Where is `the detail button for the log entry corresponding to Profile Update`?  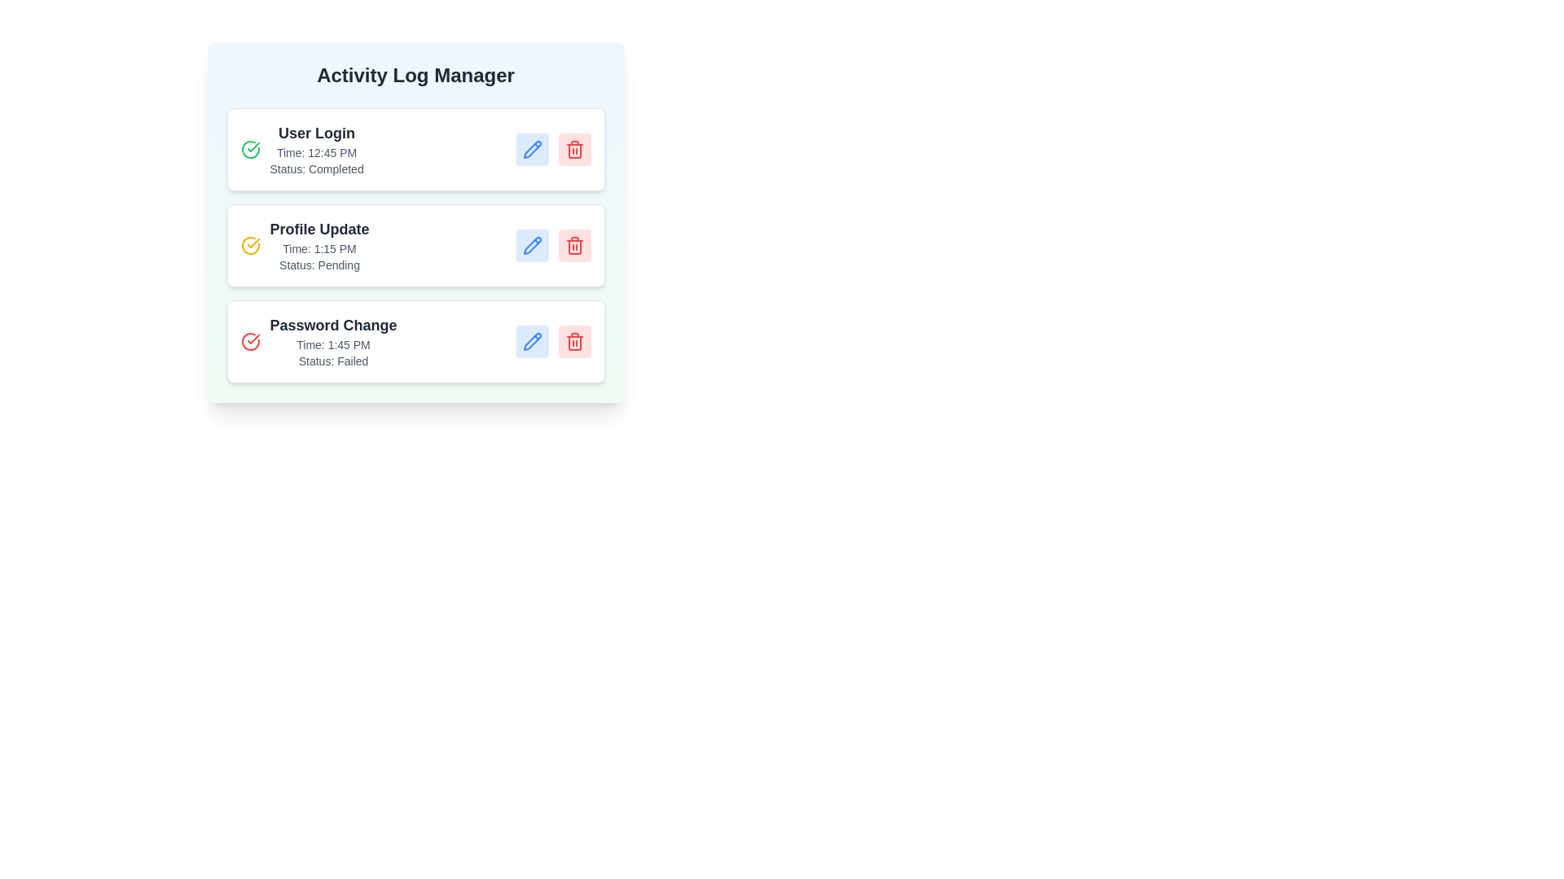 the detail button for the log entry corresponding to Profile Update is located at coordinates (532, 245).